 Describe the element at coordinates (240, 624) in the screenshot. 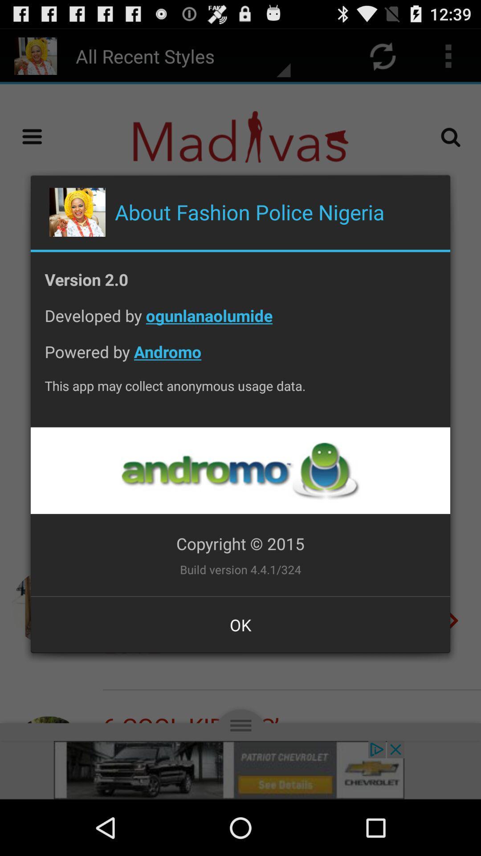

I see `the ok item` at that location.